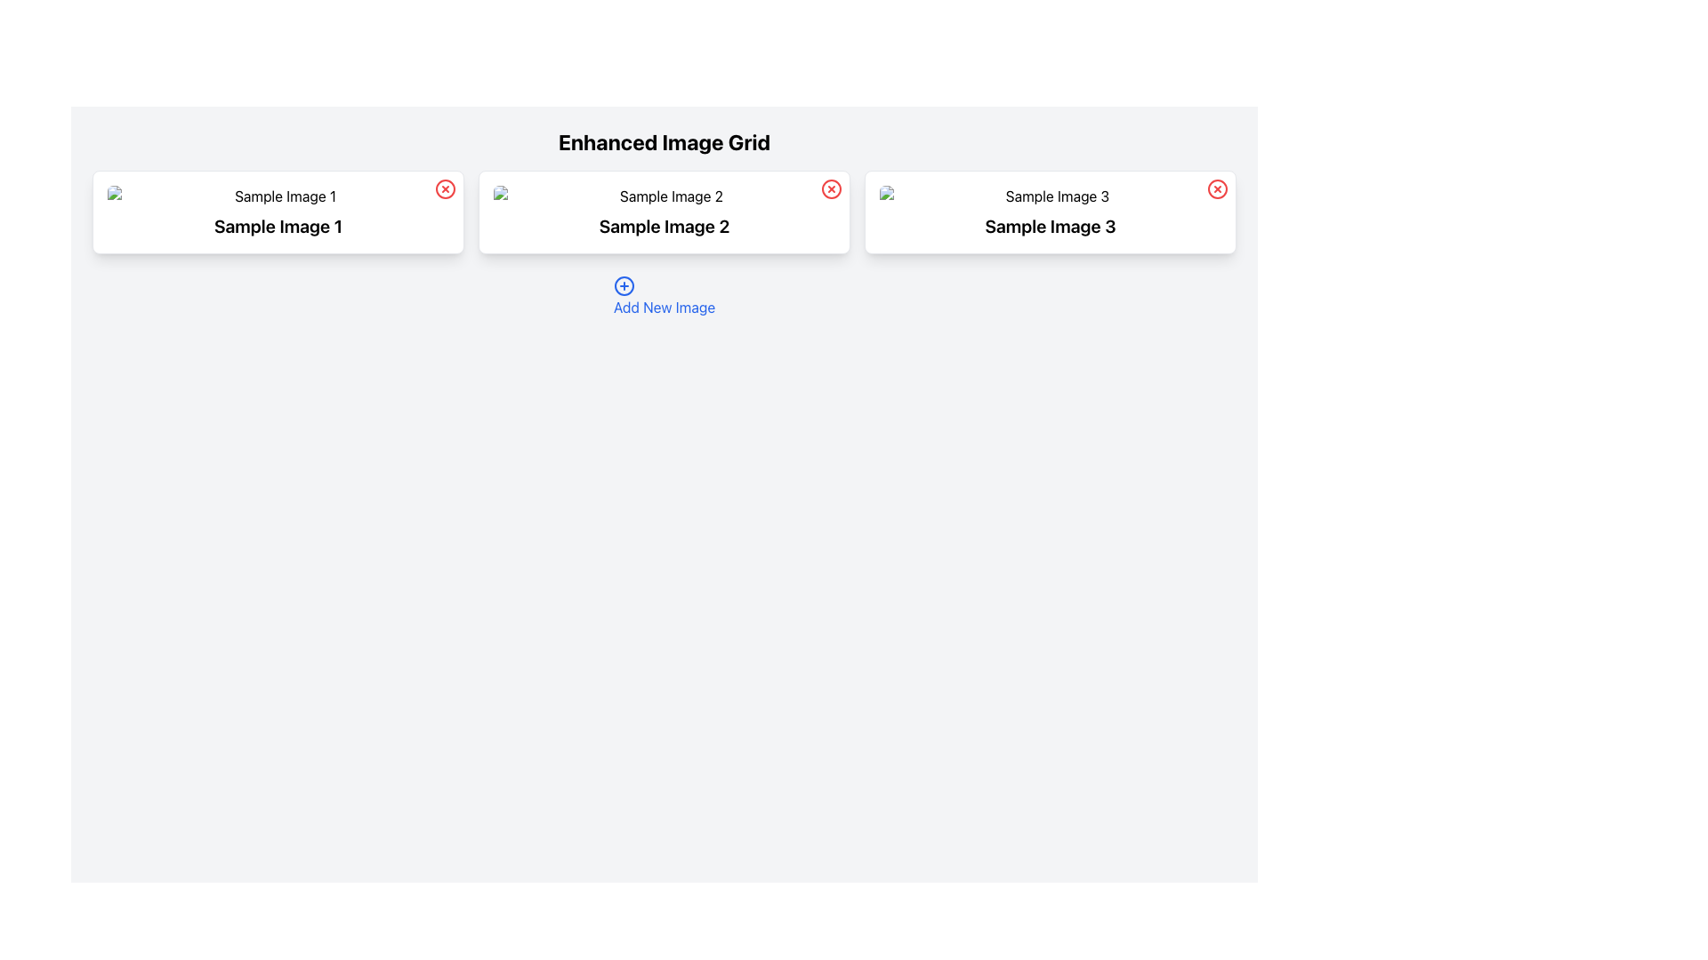  Describe the element at coordinates (1050, 212) in the screenshot. I see `the white rectangular card with rounded corners that contains the text 'Sample Image 3' and a red circular close icon in the top right corner` at that location.